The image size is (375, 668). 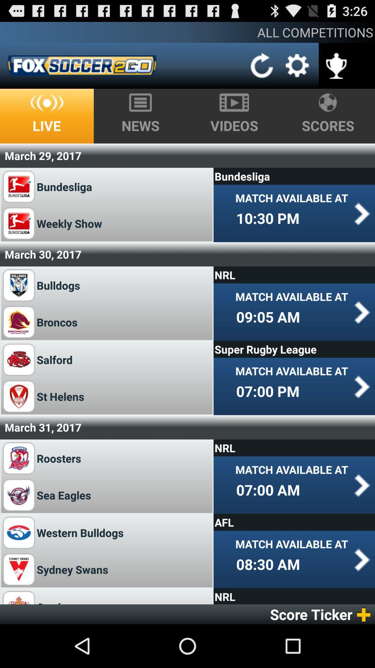 I want to click on the sydney swans app, so click(x=72, y=569).